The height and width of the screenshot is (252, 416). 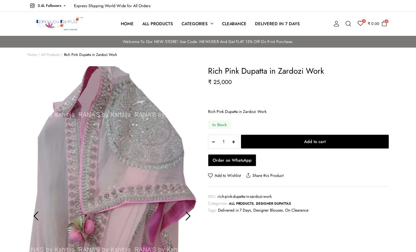 What do you see at coordinates (53, 59) in the screenshot?
I see `'What are you looking for?'` at bounding box center [53, 59].